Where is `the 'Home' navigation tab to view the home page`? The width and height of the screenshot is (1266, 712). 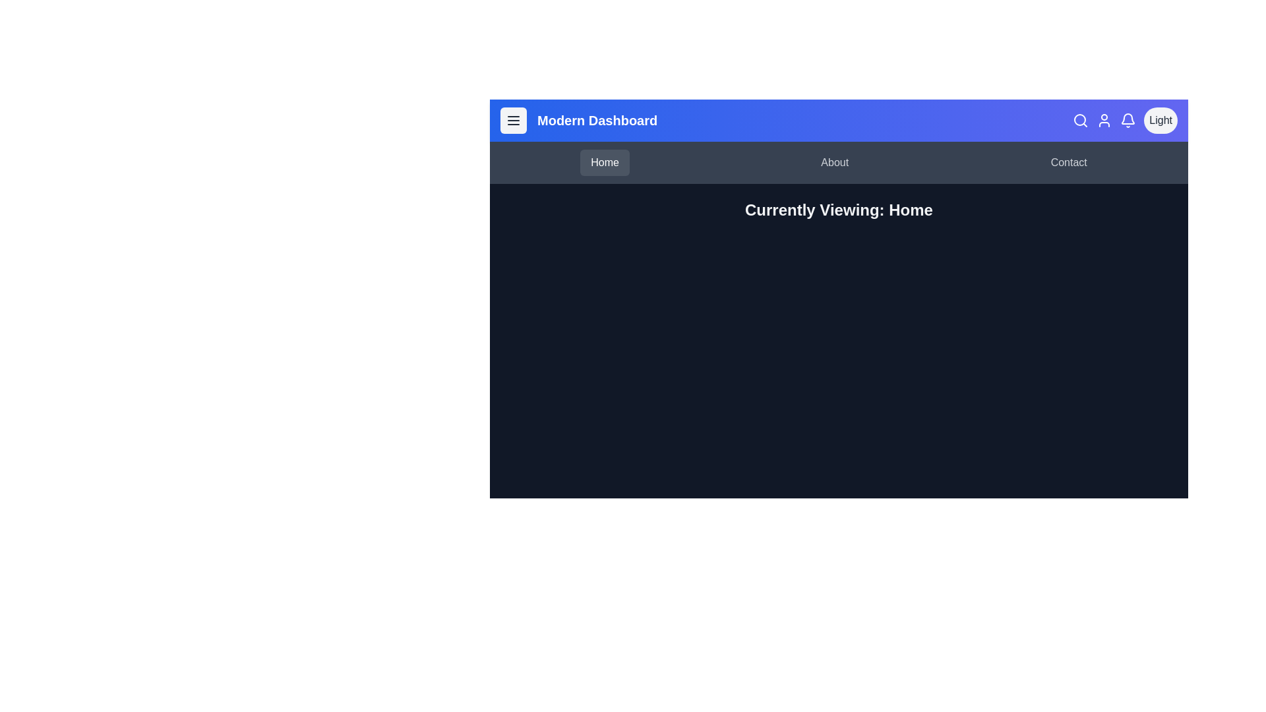
the 'Home' navigation tab to view the home page is located at coordinates (604, 162).